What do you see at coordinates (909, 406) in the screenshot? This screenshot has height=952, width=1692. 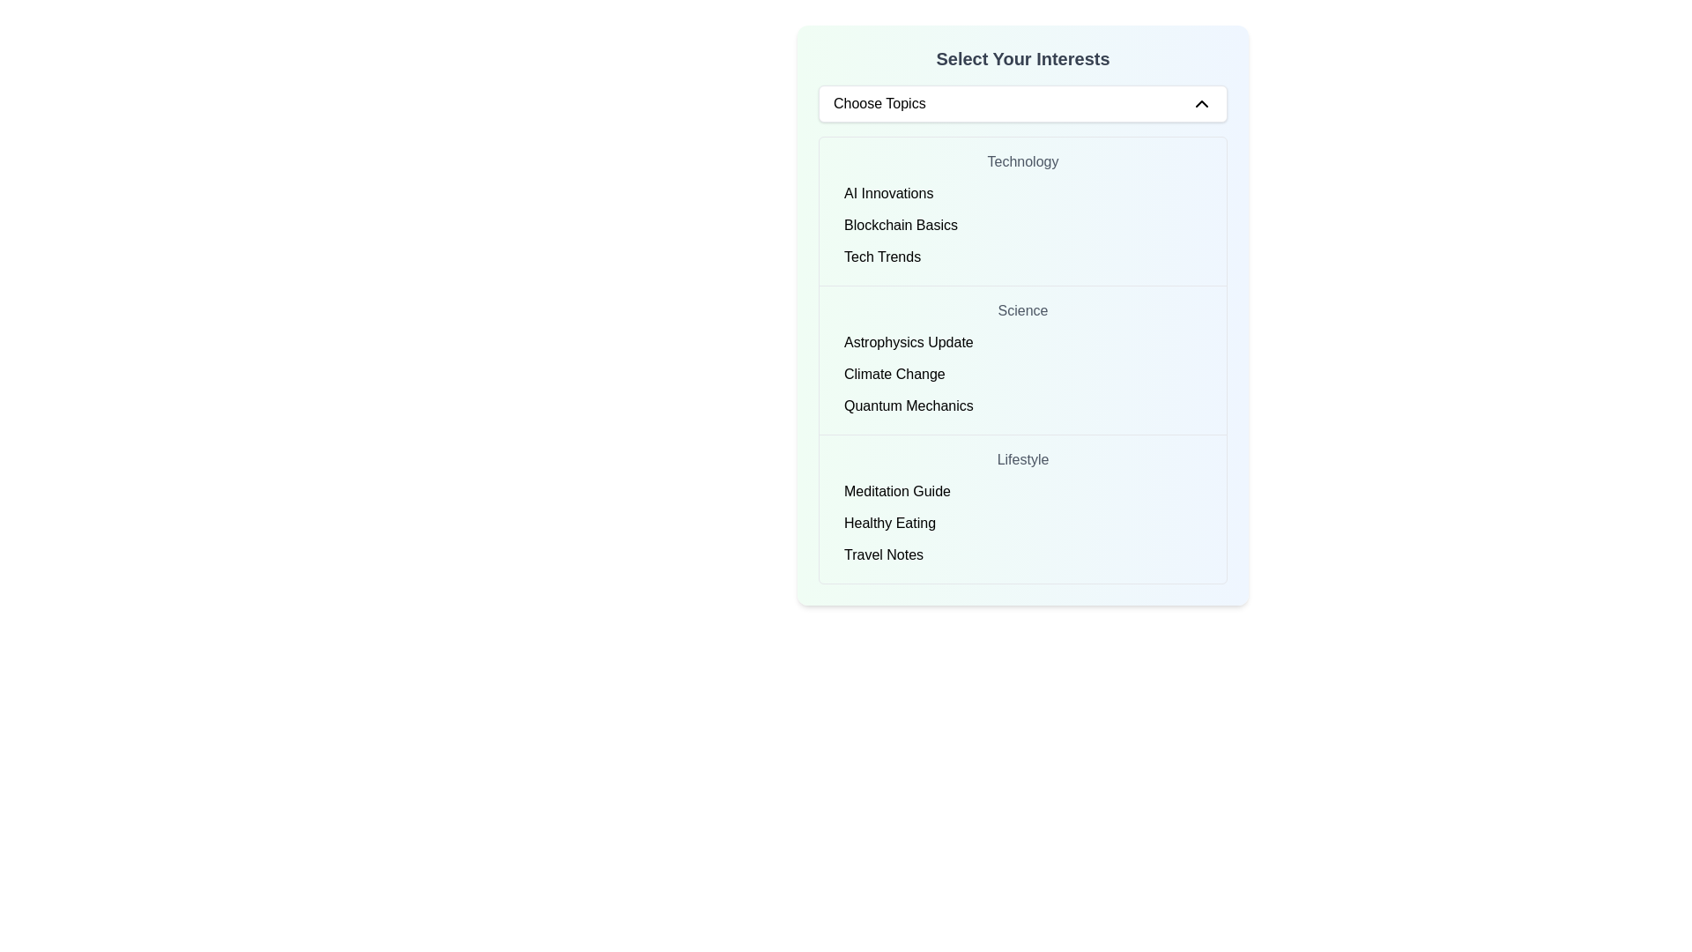 I see `the text label 'Quantum Mechanics' which is the last item in the 'Science' category of the list` at bounding box center [909, 406].